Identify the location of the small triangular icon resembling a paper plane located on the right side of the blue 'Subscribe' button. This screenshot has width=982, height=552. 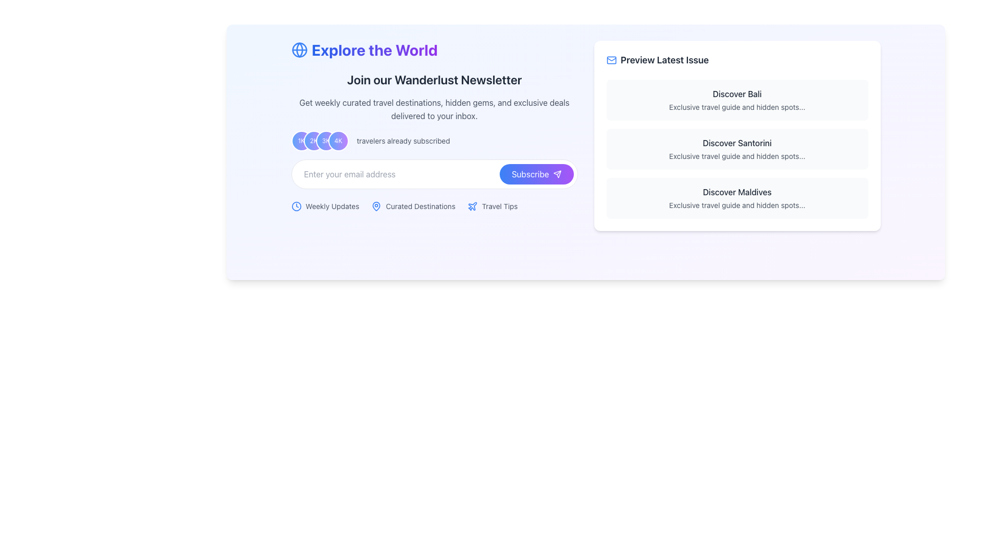
(556, 173).